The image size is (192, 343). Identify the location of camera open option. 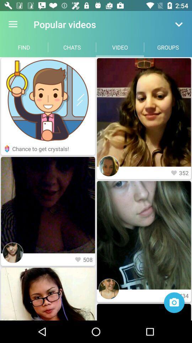
(174, 302).